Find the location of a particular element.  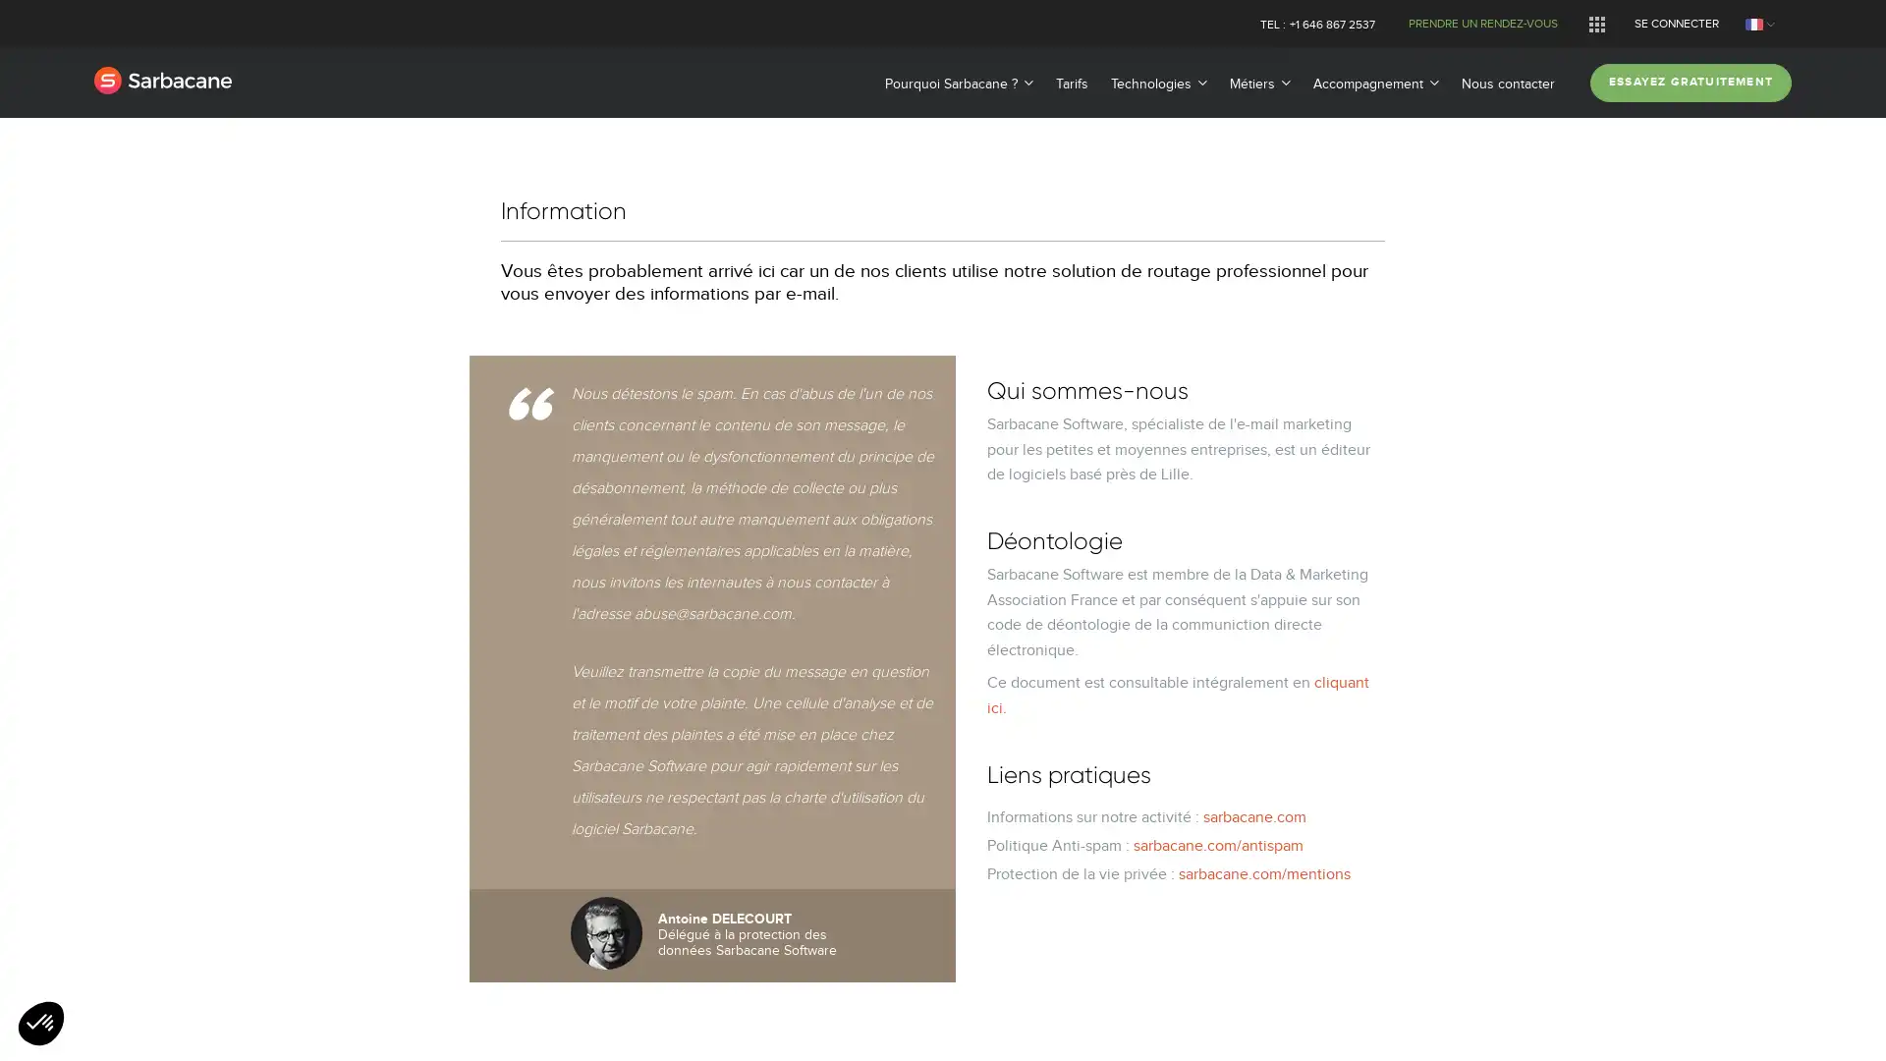

Consentements certifies par is located at coordinates (941, 630).